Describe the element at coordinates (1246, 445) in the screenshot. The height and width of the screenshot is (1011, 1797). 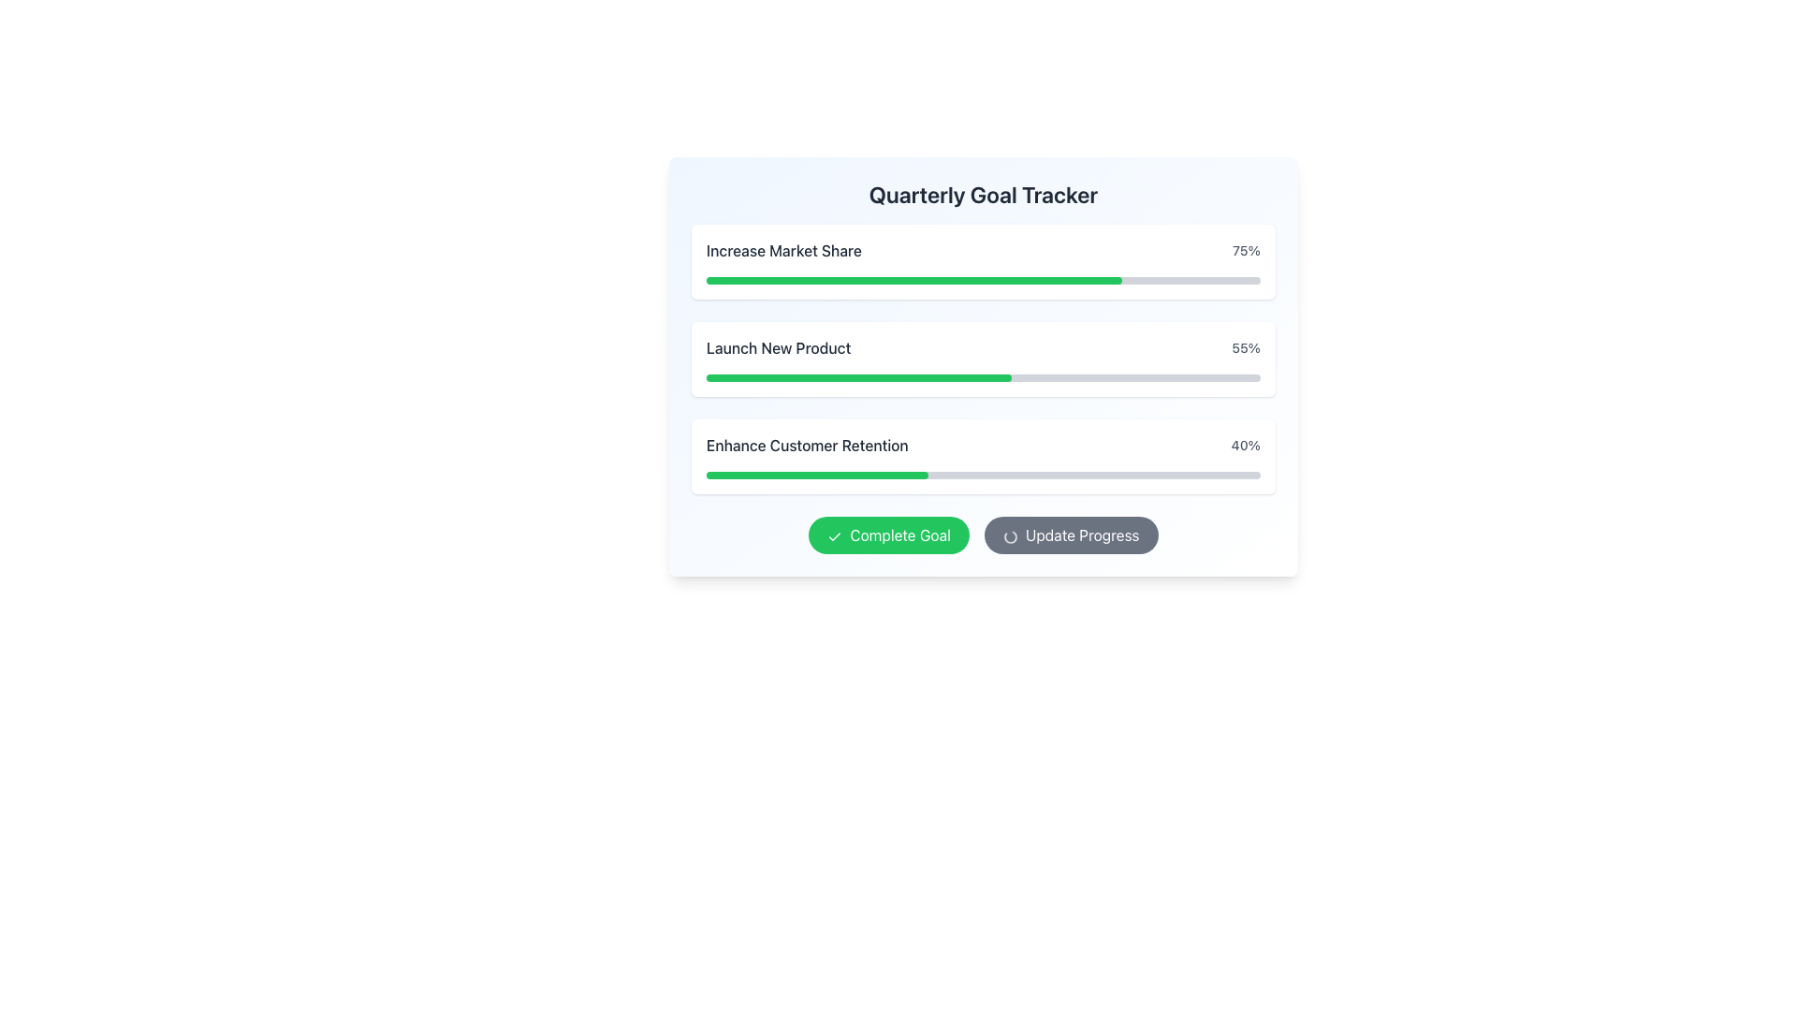
I see `the text label displaying '40%' in gray color, located on the right-hand side of the 'Enhance Customer Retention' section in the 'Quarterly Goal Tracker' interface` at that location.